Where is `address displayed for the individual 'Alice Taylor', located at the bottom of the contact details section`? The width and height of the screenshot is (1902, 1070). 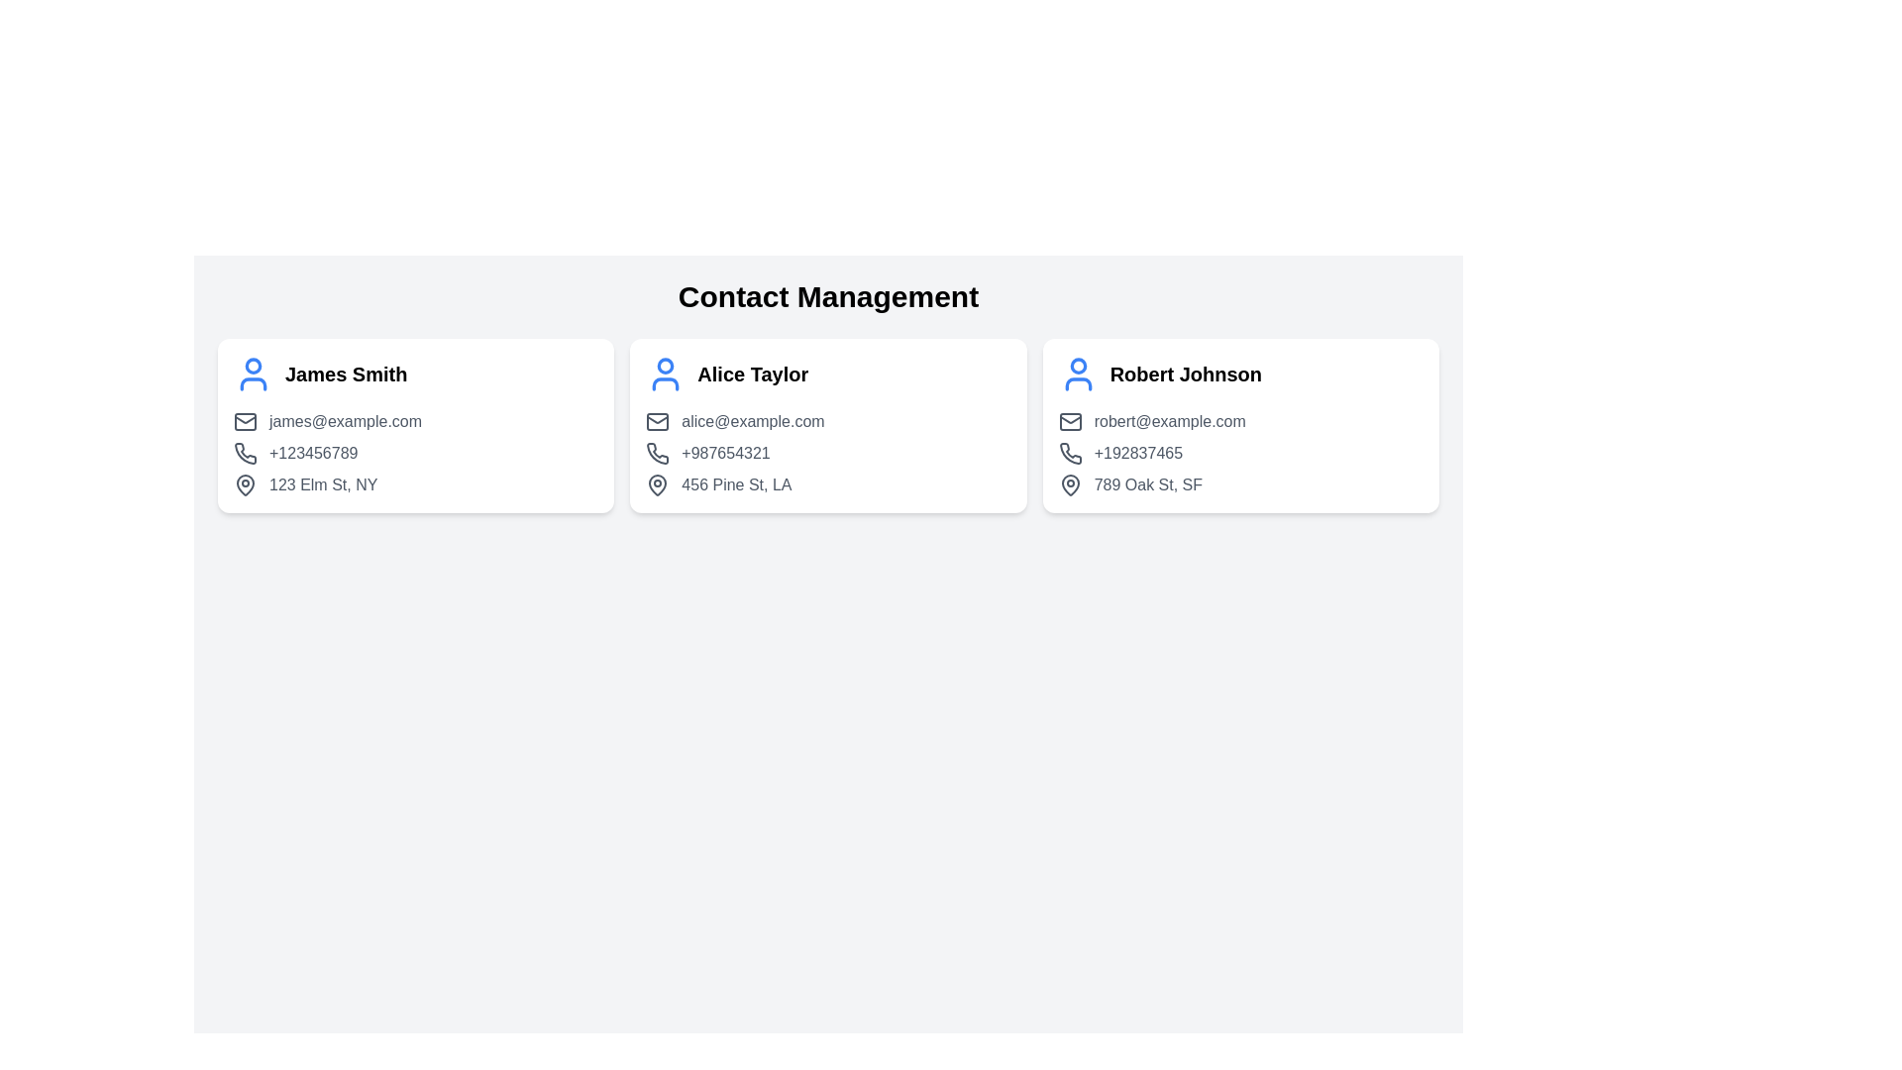 address displayed for the individual 'Alice Taylor', located at the bottom of the contact details section is located at coordinates (828, 484).